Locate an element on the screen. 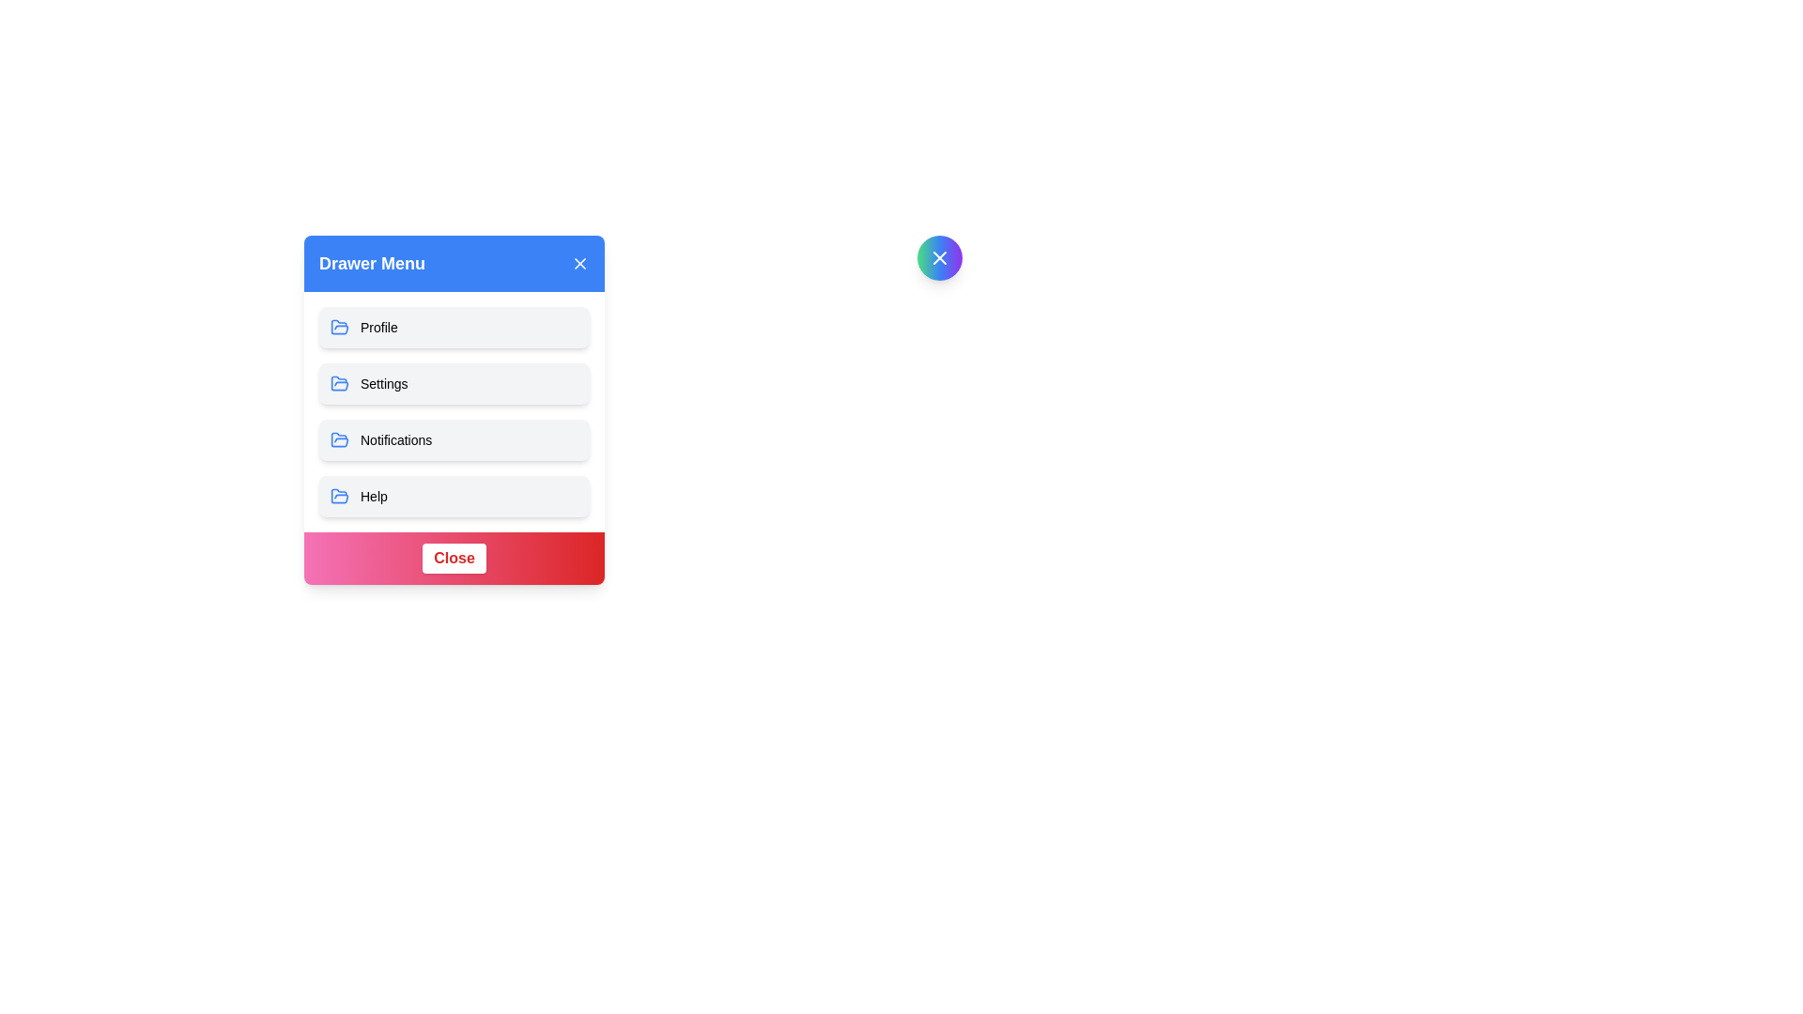  the 'Settings' label in the drawer menu, which is located between the 'Profile' and 'Notifications' options is located at coordinates (383, 382).